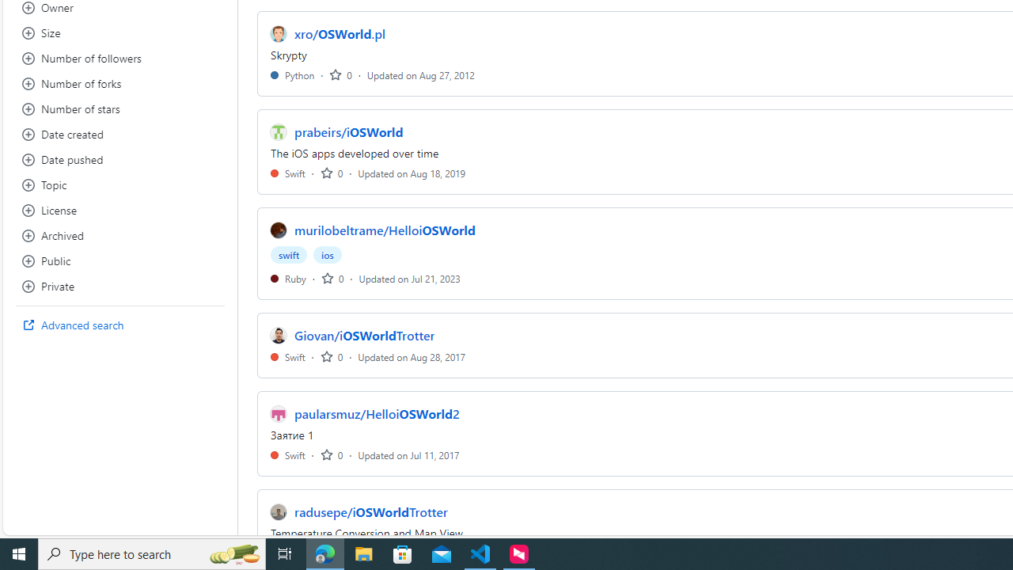  Describe the element at coordinates (288, 277) in the screenshot. I see `'Ruby'` at that location.